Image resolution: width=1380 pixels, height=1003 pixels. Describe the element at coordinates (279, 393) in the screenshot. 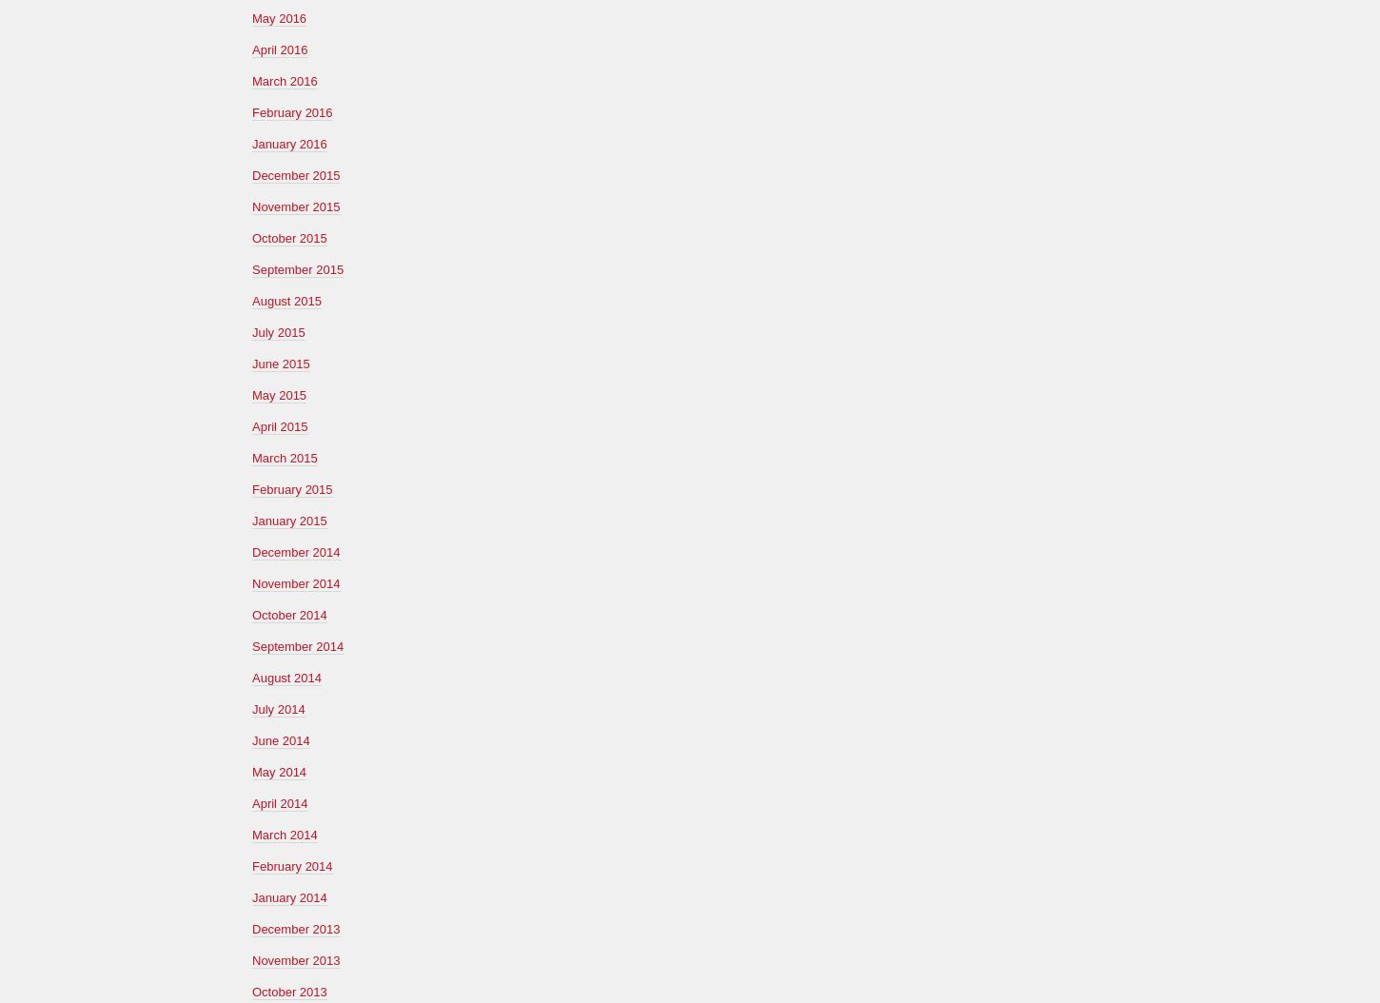

I see `'May 2015'` at that location.